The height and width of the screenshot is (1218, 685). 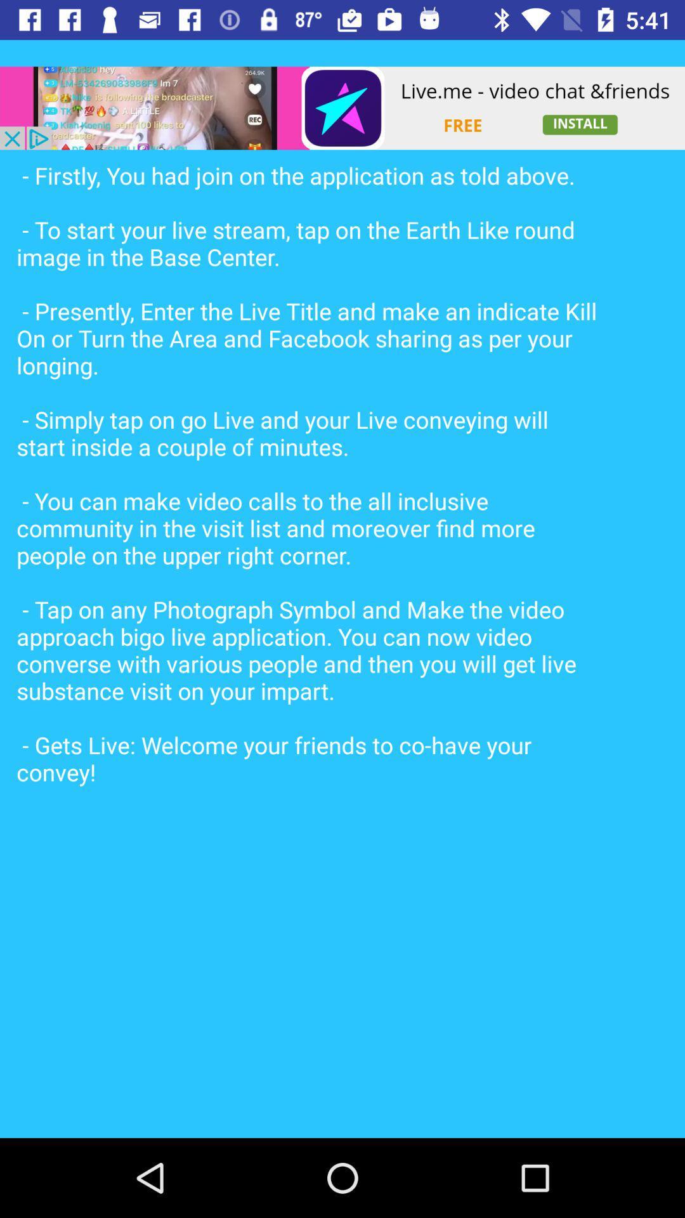 What do you see at coordinates (342, 108) in the screenshot?
I see `advertisement` at bounding box center [342, 108].